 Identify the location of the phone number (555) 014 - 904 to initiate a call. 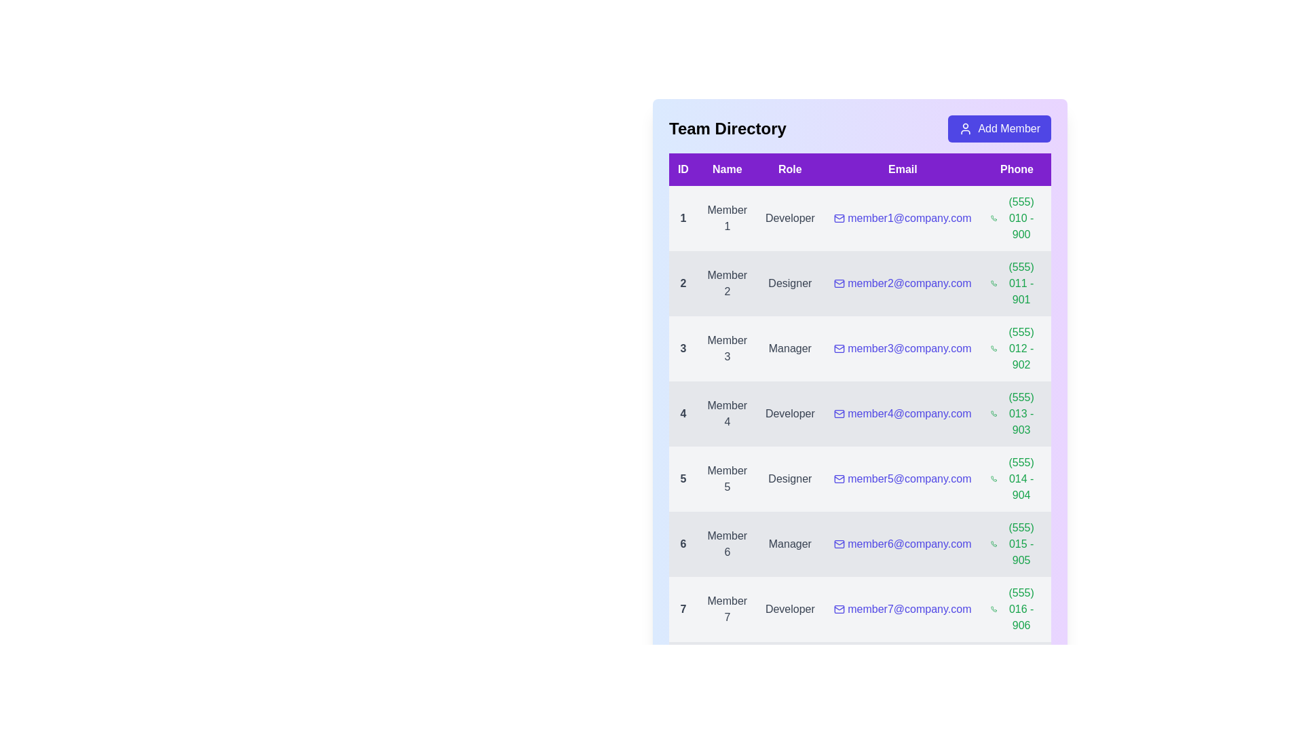
(1017, 478).